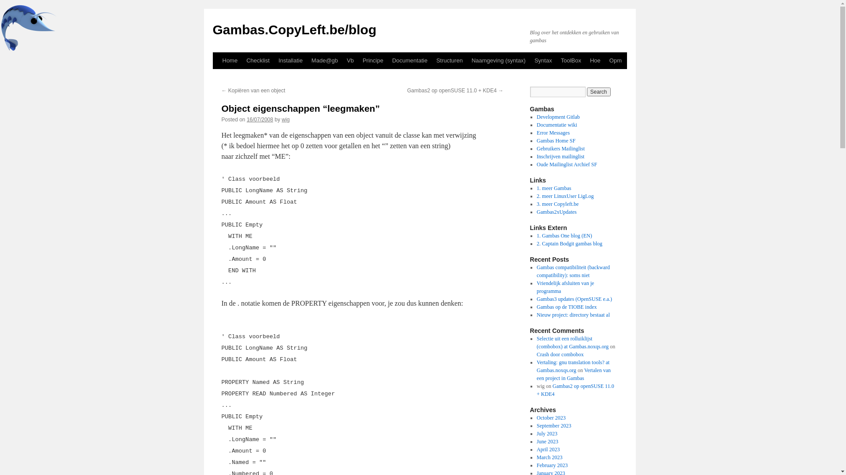  Describe the element at coordinates (553, 425) in the screenshot. I see `'September 2023'` at that location.